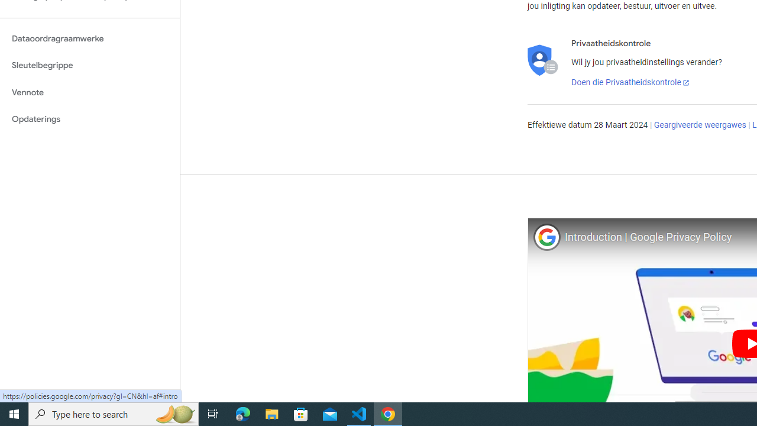  Describe the element at coordinates (700, 125) in the screenshot. I see `'Geargiveerde weergawes'` at that location.